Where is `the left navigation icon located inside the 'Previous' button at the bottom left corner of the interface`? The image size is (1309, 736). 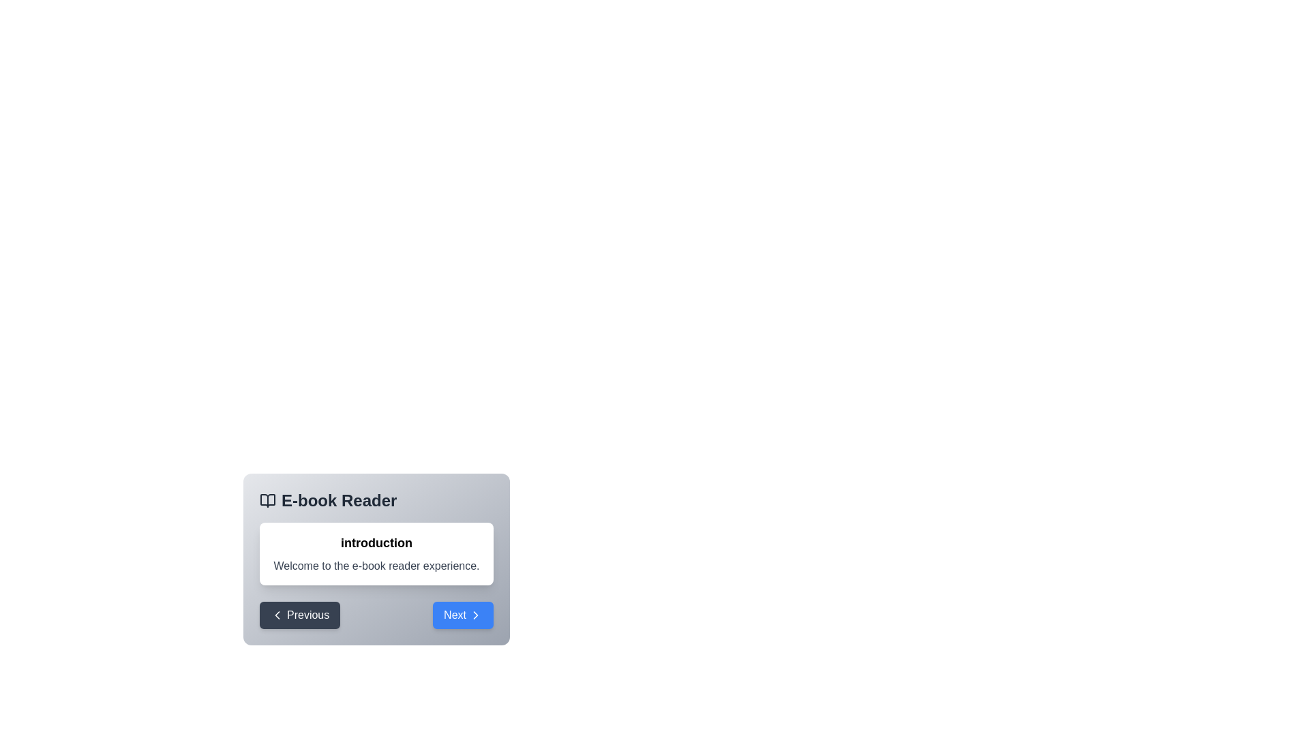 the left navigation icon located inside the 'Previous' button at the bottom left corner of the interface is located at coordinates (277, 615).